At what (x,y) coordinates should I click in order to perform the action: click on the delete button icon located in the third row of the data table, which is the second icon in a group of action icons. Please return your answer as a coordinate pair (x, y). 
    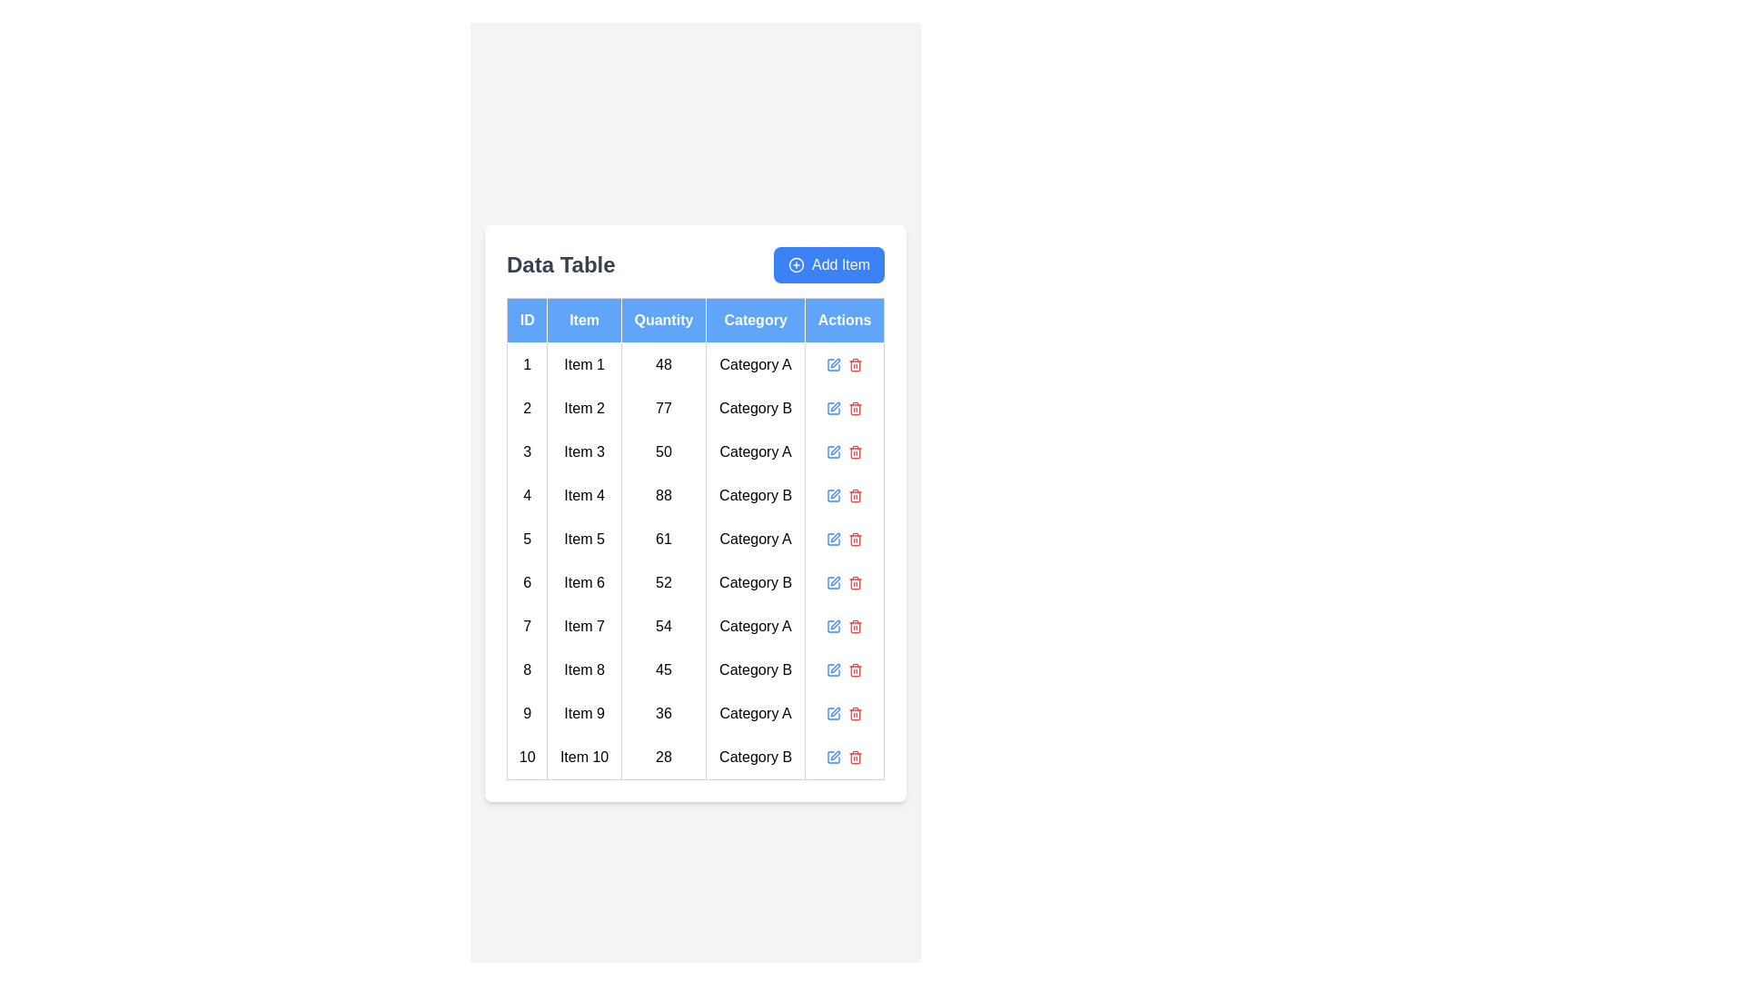
    Looking at the image, I should click on (855, 451).